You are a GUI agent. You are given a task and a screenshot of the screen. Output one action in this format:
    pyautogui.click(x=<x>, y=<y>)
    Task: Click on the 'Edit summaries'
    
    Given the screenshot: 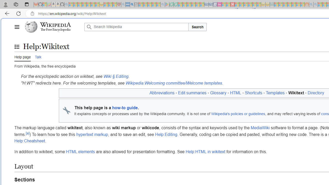 What is the action you would take?
    pyautogui.click(x=192, y=93)
    